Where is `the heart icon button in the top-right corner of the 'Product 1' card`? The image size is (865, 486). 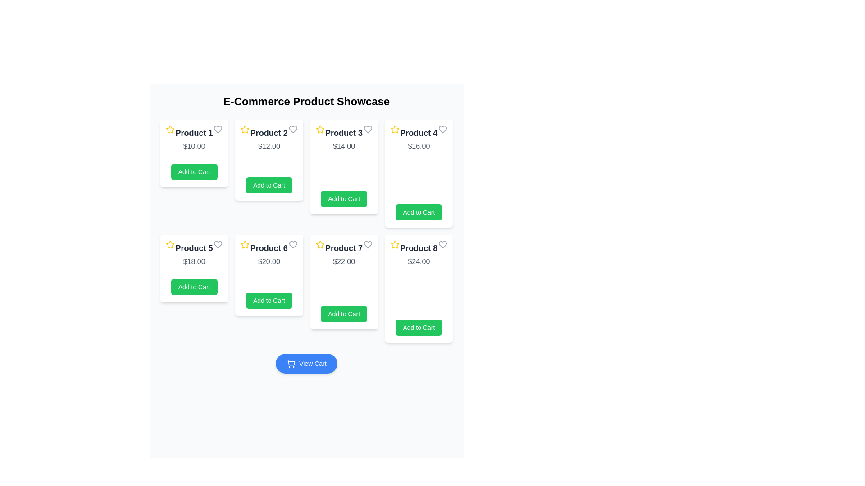
the heart icon button in the top-right corner of the 'Product 1' card is located at coordinates (218, 130).